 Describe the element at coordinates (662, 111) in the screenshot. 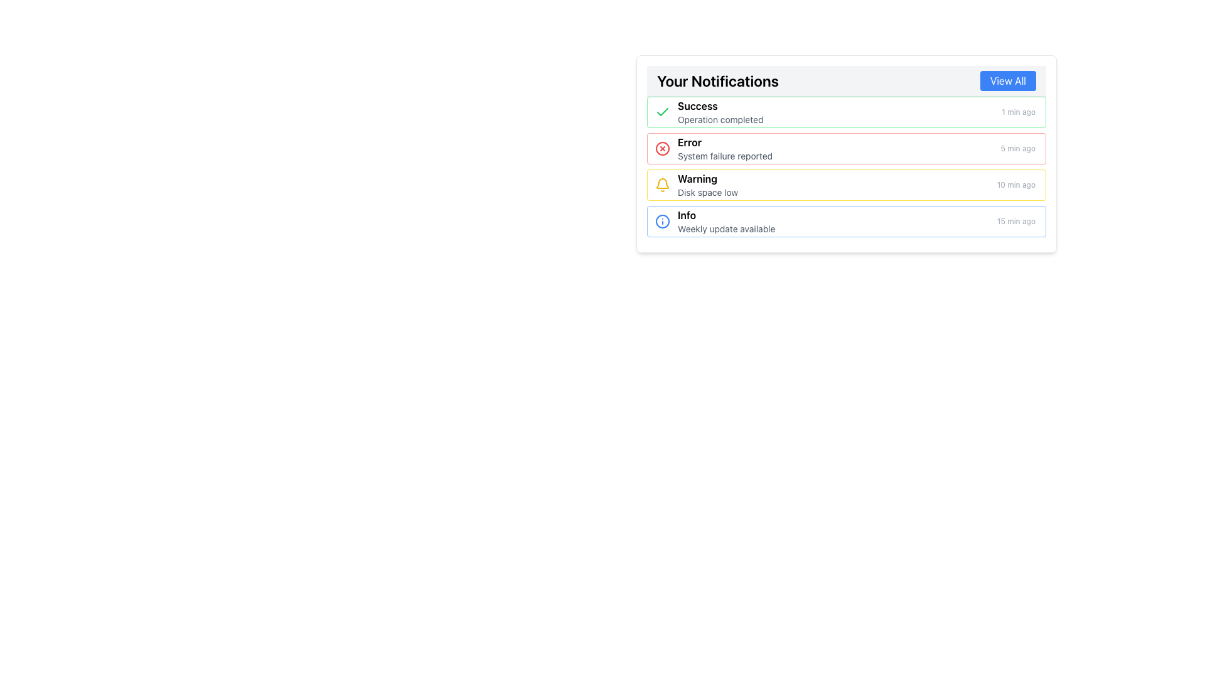

I see `the success notification icon, which is the first icon in the notification list preceding the text 'Success: Operation completed'` at that location.